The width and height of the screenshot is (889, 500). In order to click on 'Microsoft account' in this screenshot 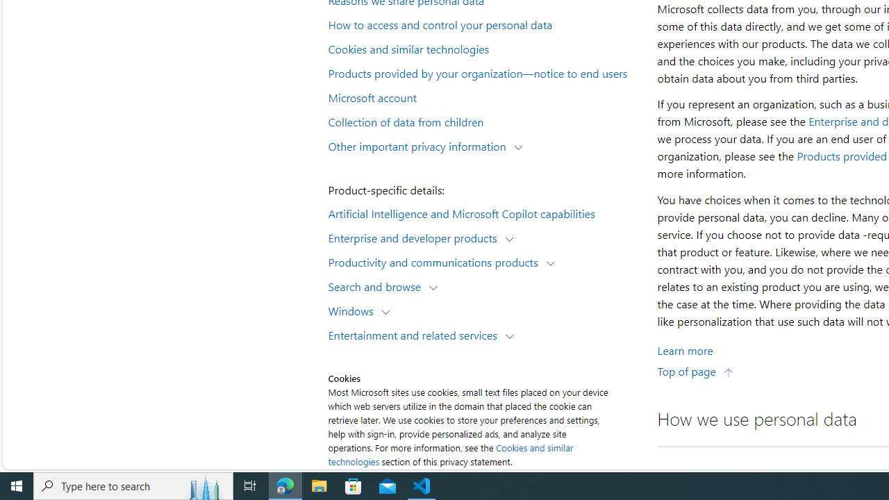, I will do `click(483, 96)`.